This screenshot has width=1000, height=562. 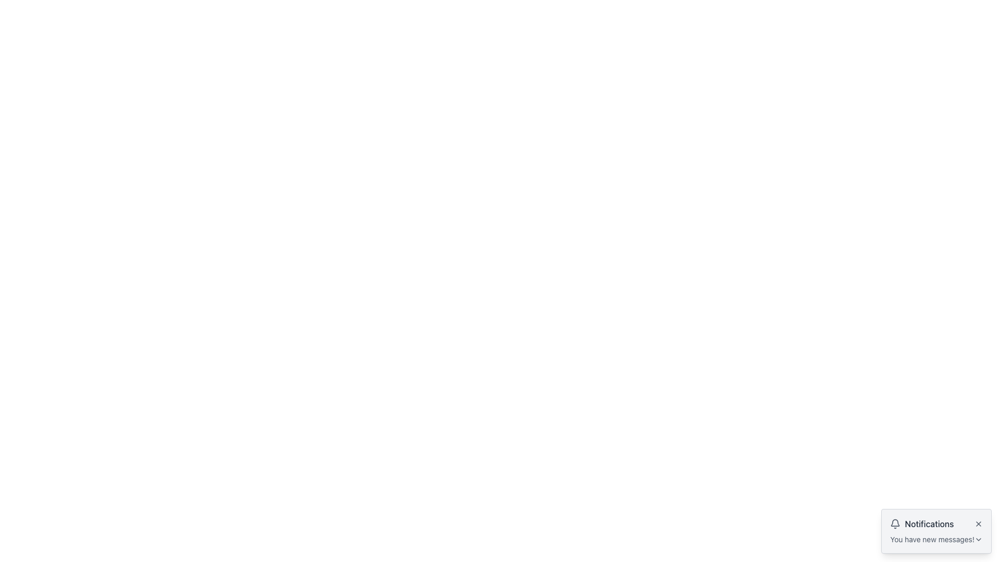 I want to click on the 'Notifications' label, which is styled with a medium-weight font in dark gray and has a bell icon to its left, so click(x=922, y=523).